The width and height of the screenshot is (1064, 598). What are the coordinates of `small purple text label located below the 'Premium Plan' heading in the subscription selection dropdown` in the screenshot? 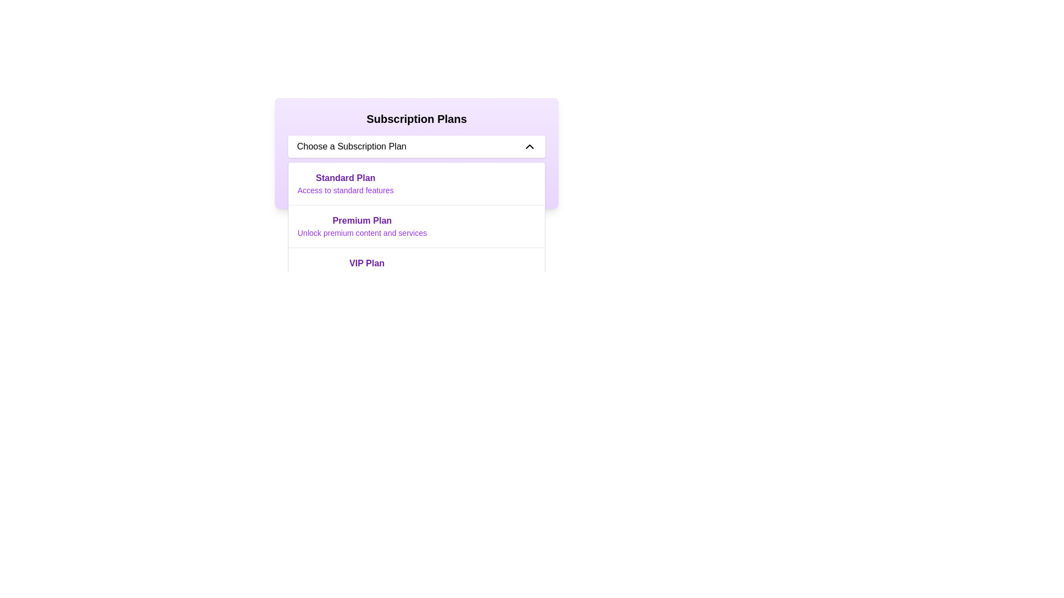 It's located at (362, 232).